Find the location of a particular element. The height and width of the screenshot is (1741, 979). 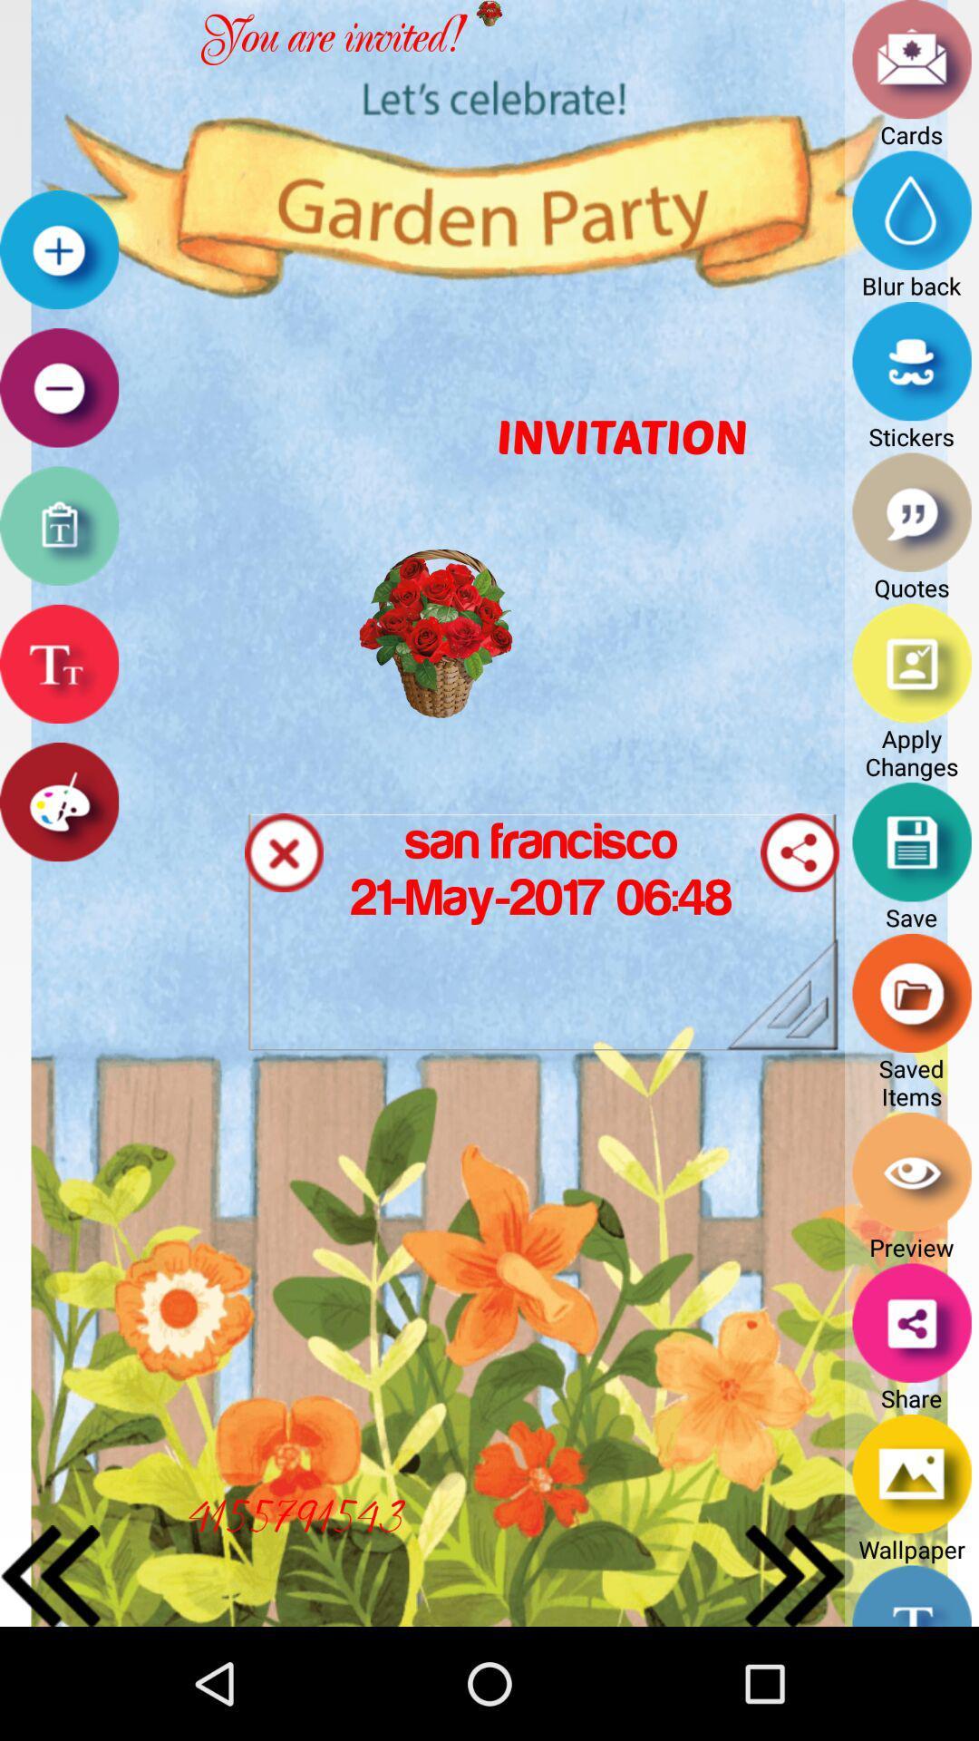

the share icon is located at coordinates (799, 912).